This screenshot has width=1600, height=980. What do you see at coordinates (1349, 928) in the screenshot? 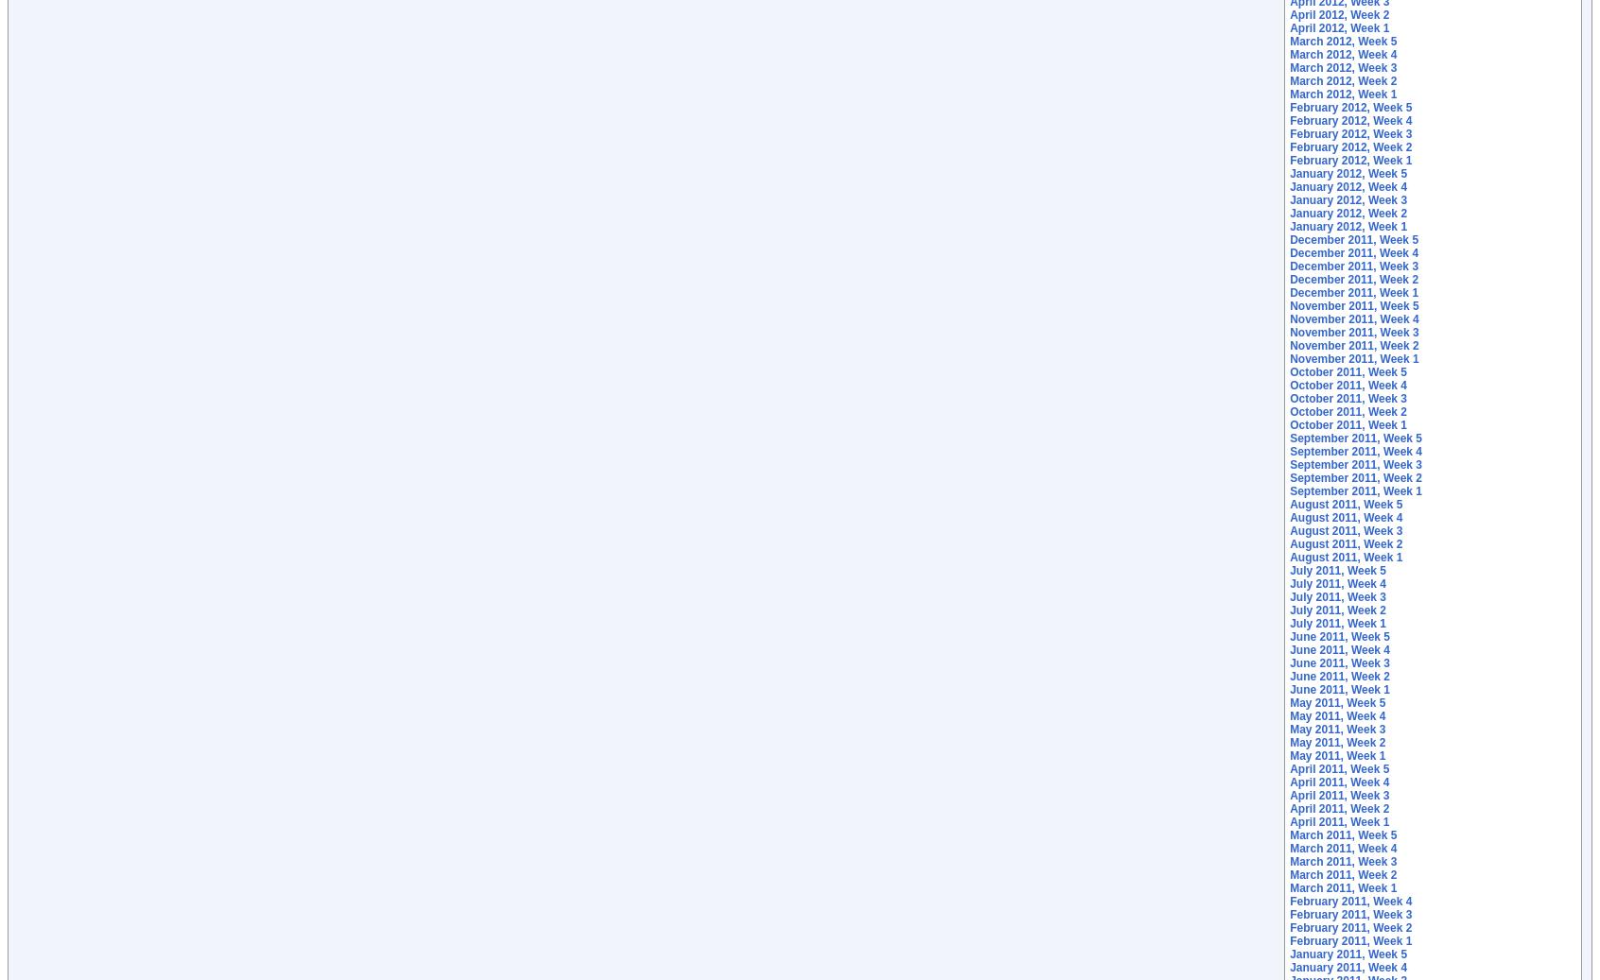
I see `'February 2011, Week 2'` at bounding box center [1349, 928].